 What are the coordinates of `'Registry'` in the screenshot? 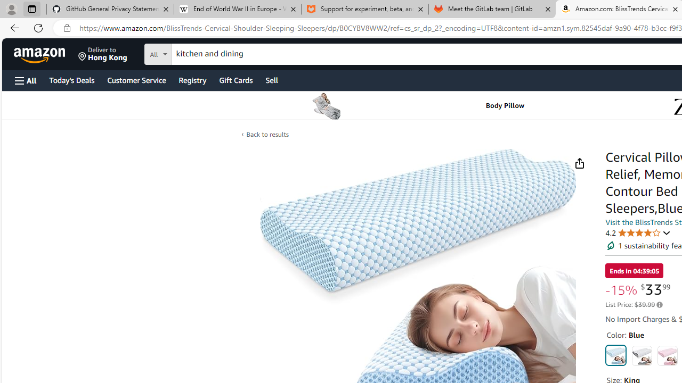 It's located at (192, 79).